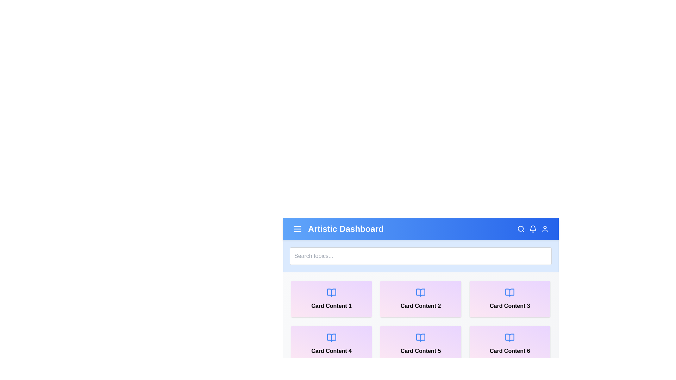  What do you see at coordinates (545, 229) in the screenshot?
I see `the user icon to access the user profile or settings` at bounding box center [545, 229].